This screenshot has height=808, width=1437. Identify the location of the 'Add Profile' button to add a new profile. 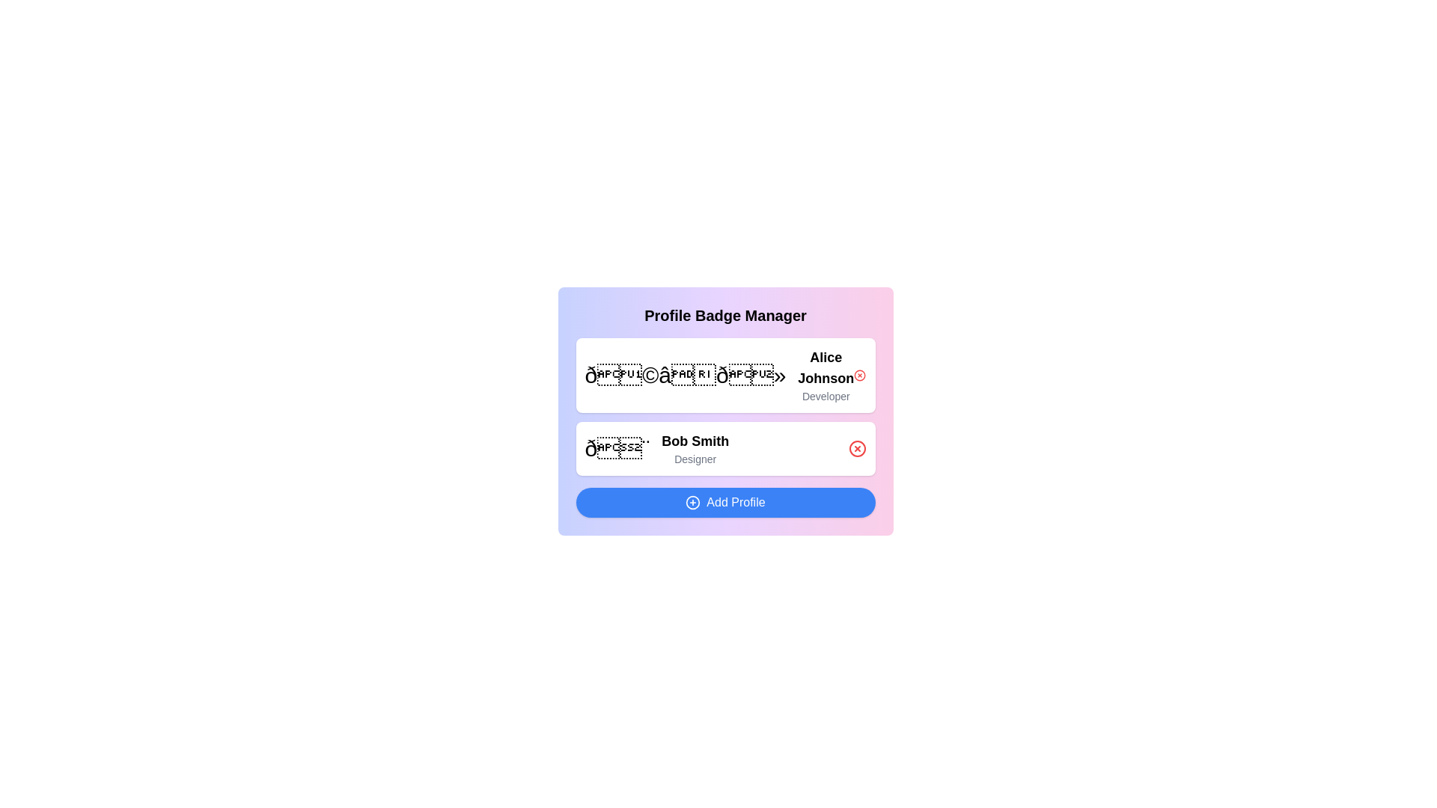
(725, 502).